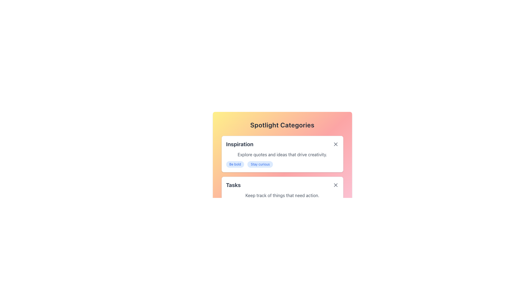 The image size is (522, 294). Describe the element at coordinates (335, 144) in the screenshot. I see `the 'X' button at the top-right corner of the 'Inspiration' section` at that location.